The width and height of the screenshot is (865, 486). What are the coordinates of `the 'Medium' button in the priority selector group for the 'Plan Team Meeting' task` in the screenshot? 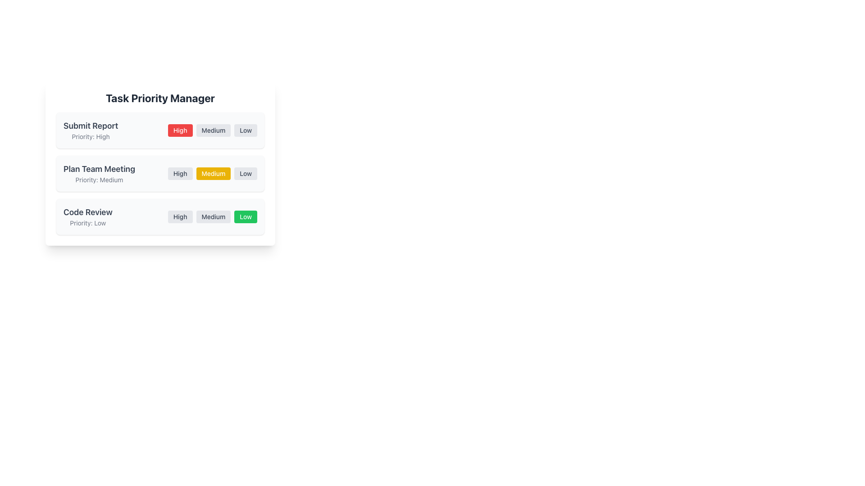 It's located at (212, 173).